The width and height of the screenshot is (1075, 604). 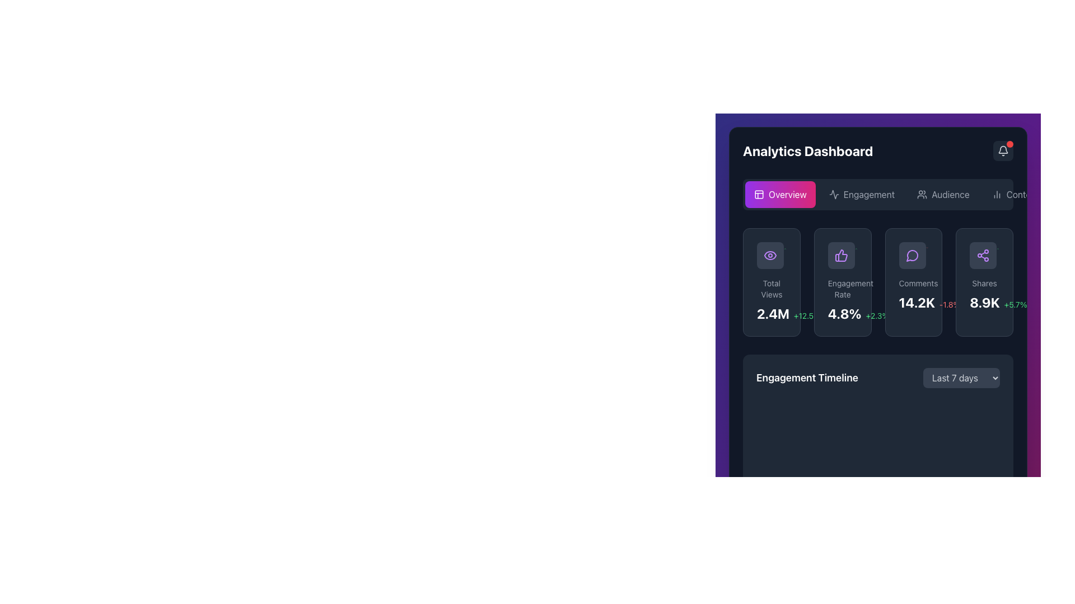 What do you see at coordinates (843, 313) in the screenshot?
I see `the engagement percentage text located at the bottom of the 'Engagement Rate' card component` at bounding box center [843, 313].